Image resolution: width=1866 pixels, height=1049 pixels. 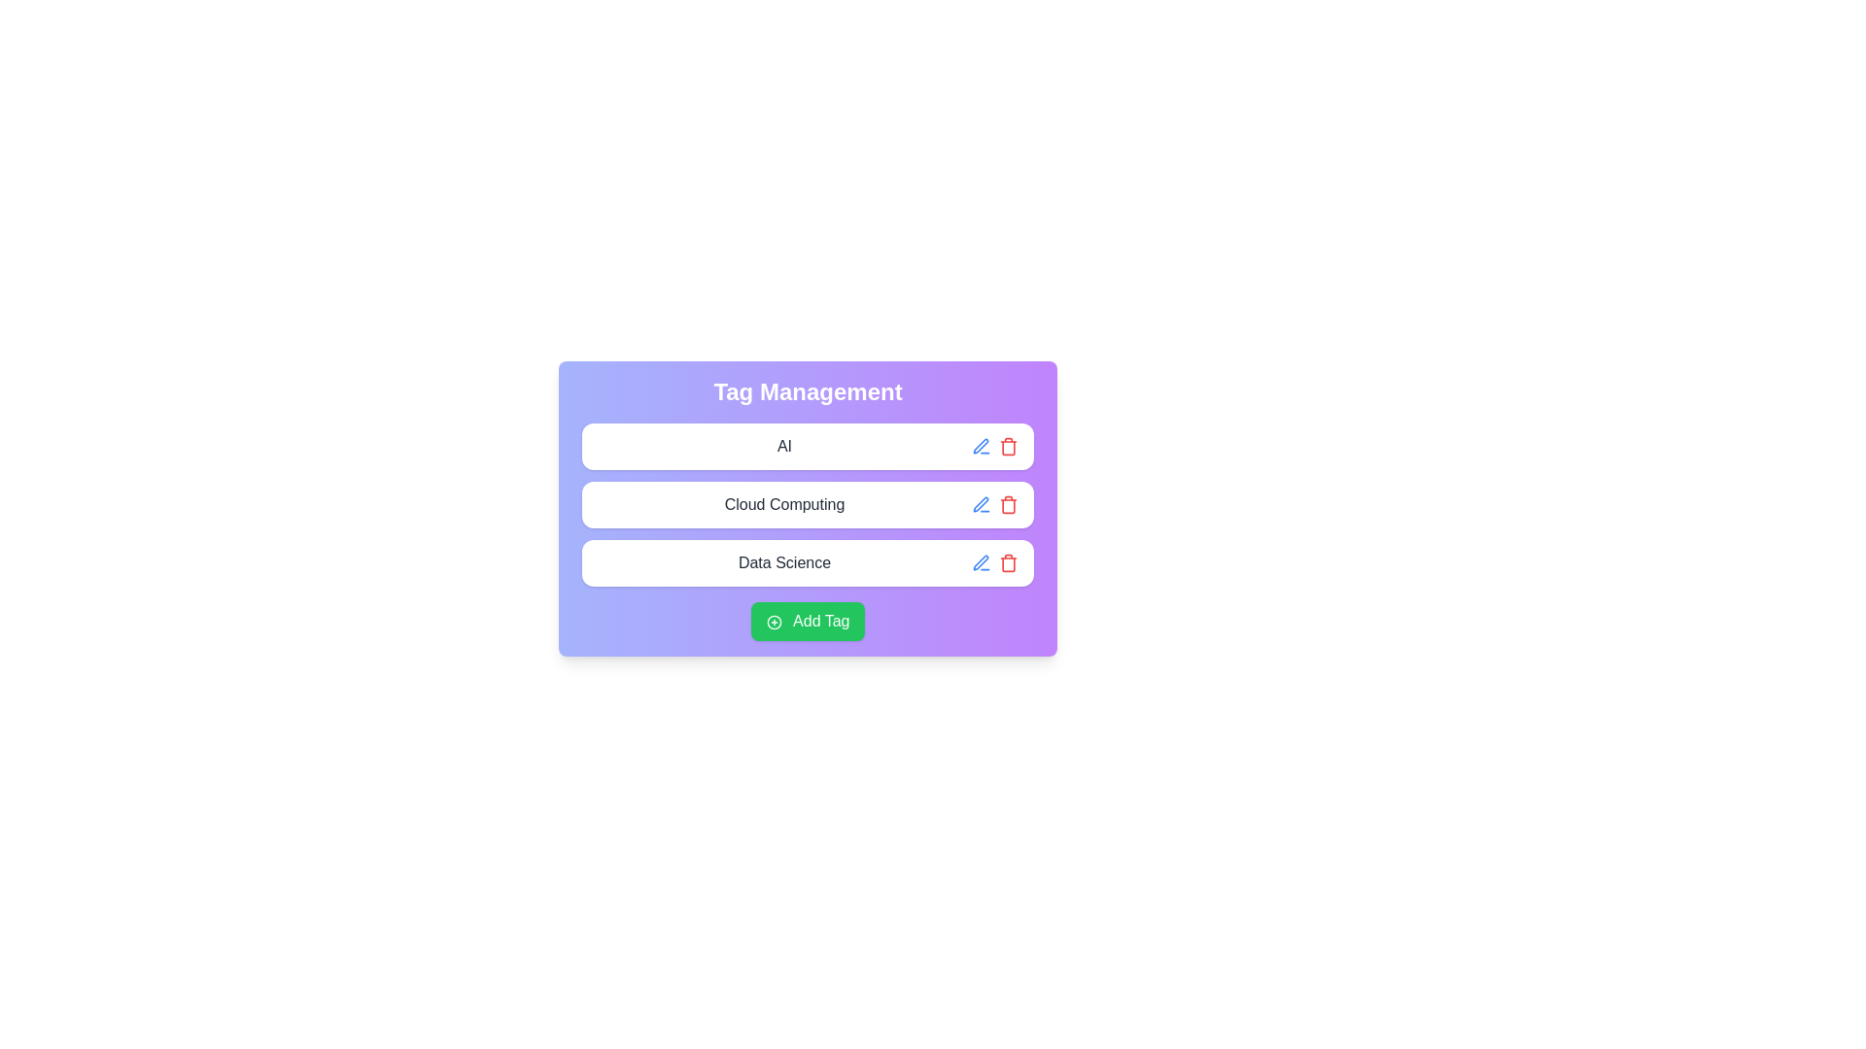 What do you see at coordinates (1008, 562) in the screenshot?
I see `the red trash can icon located to the right of the 'Data Science' entry in the 'Tag Management' block to observe the style change` at bounding box center [1008, 562].